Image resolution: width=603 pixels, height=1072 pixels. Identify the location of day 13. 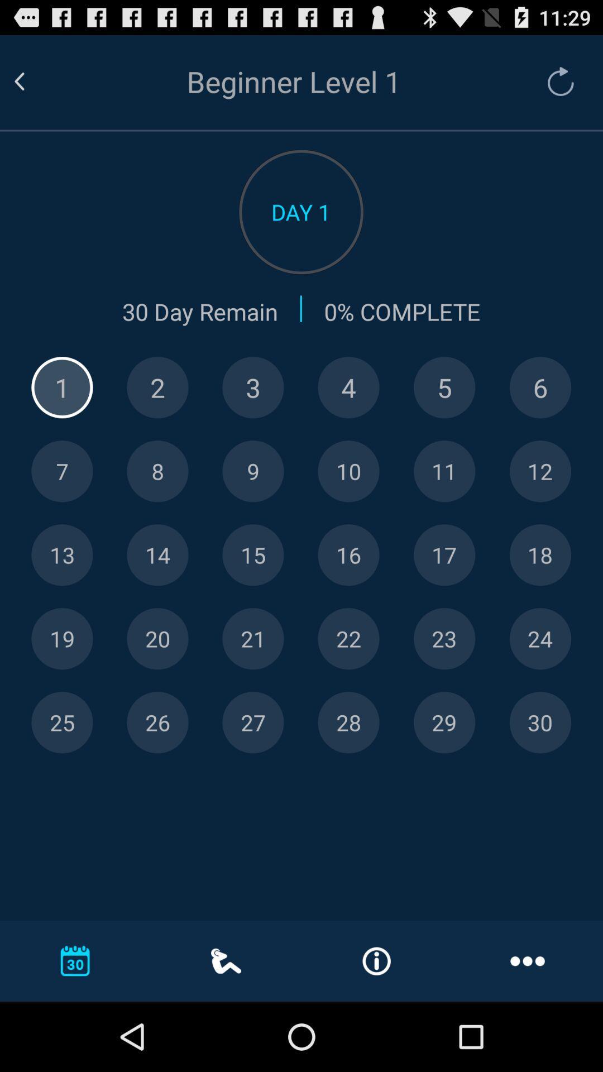
(62, 555).